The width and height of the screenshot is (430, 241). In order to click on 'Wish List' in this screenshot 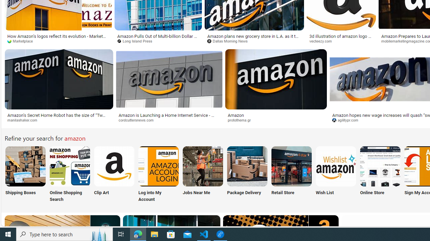, I will do `click(336, 174)`.